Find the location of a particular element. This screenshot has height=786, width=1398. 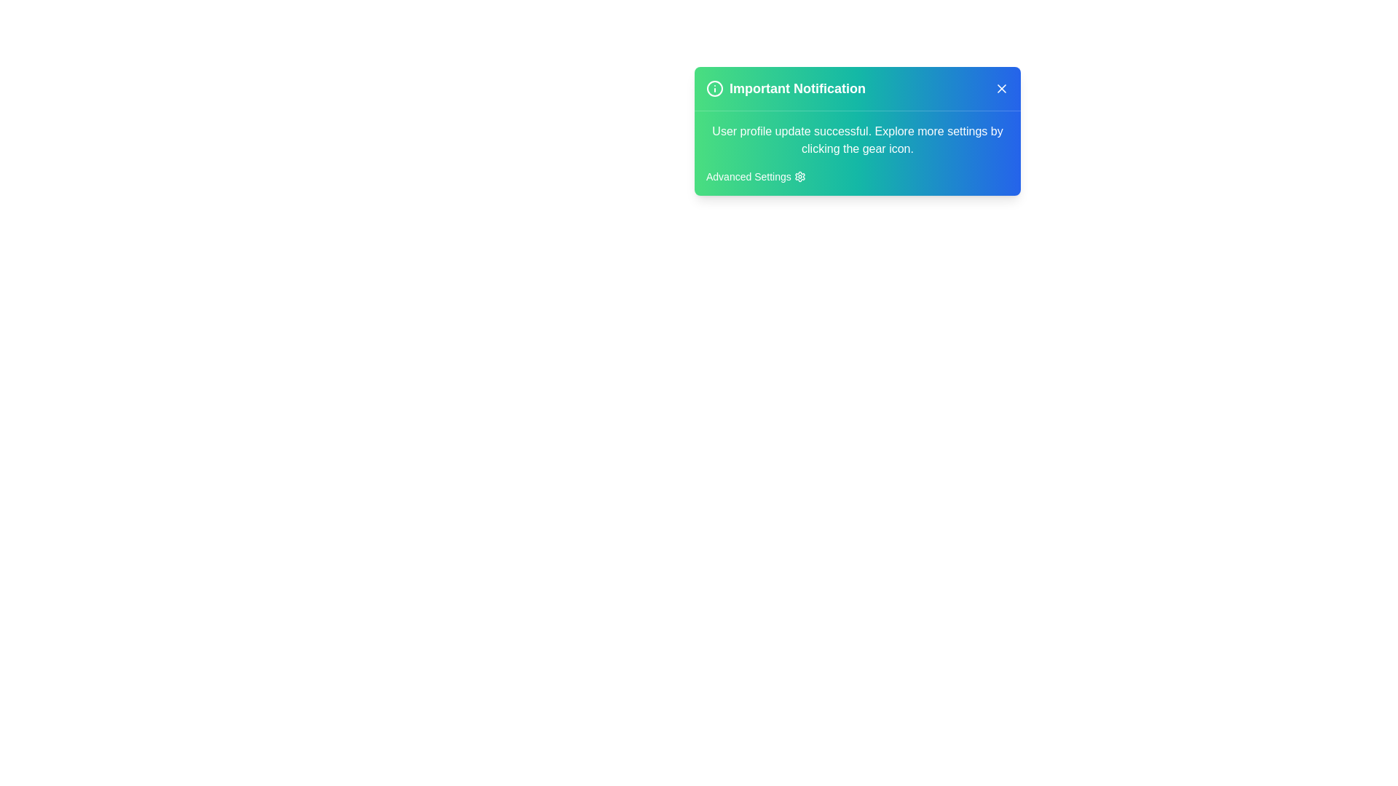

the 'Advanced Settings' button to toggle the visibility of advanced settings is located at coordinates (755, 176).